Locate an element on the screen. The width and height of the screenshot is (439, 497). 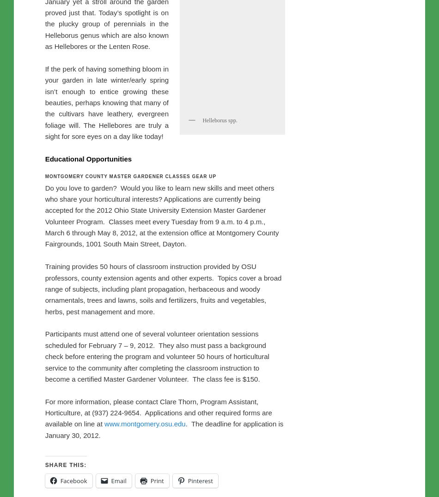
'gardening' is located at coordinates (44, 80).